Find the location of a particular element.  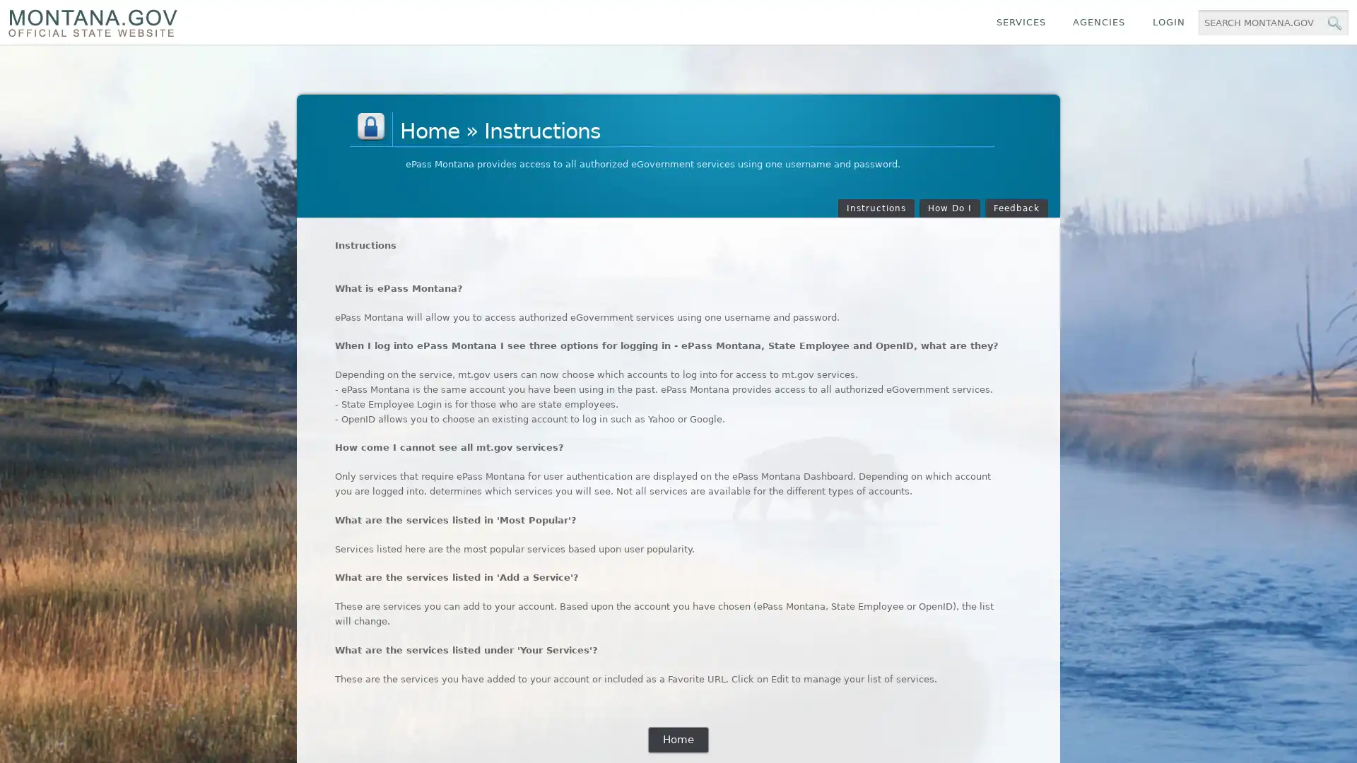

Home is located at coordinates (677, 739).